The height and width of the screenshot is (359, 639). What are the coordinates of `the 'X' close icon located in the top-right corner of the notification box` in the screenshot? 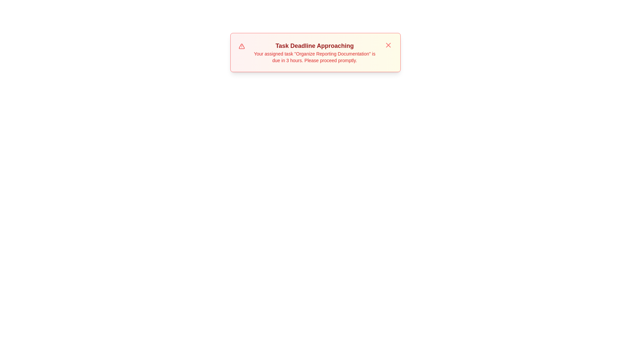 It's located at (388, 45).